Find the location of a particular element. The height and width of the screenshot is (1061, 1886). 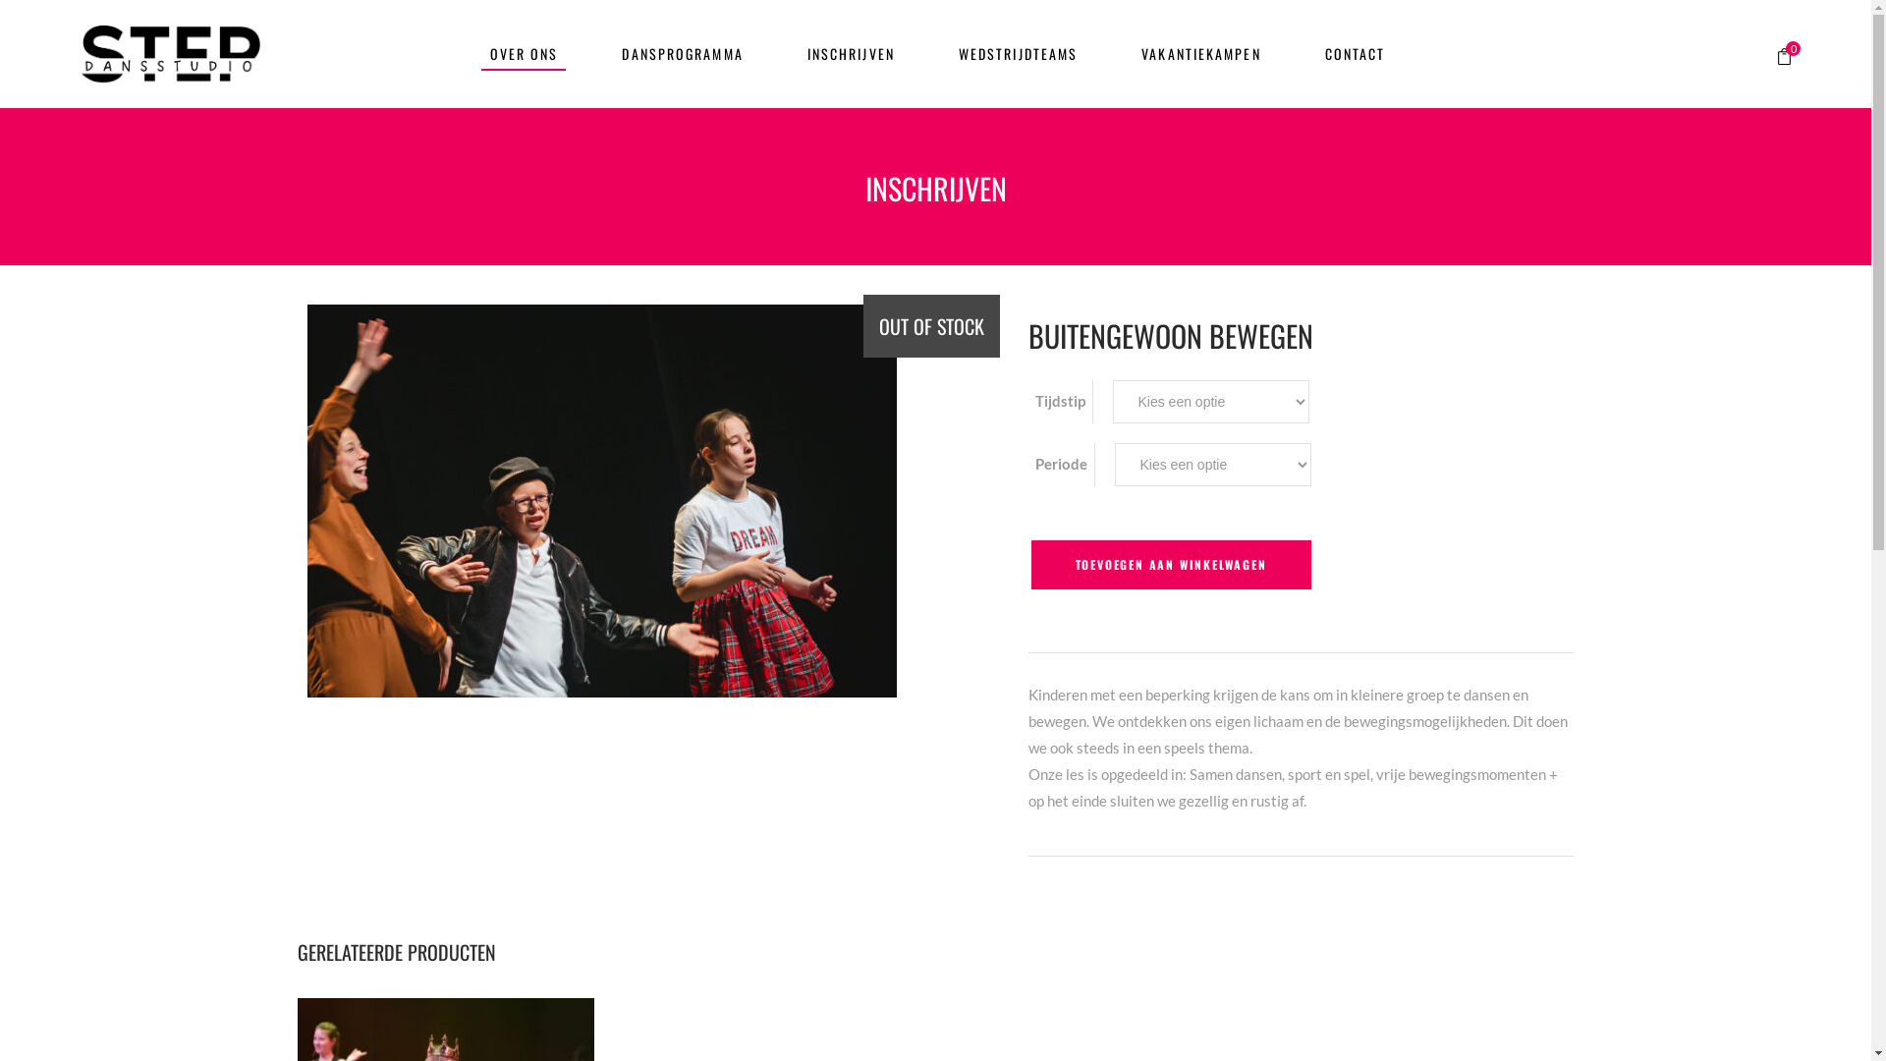

'CONTACT' is located at coordinates (1354, 52).